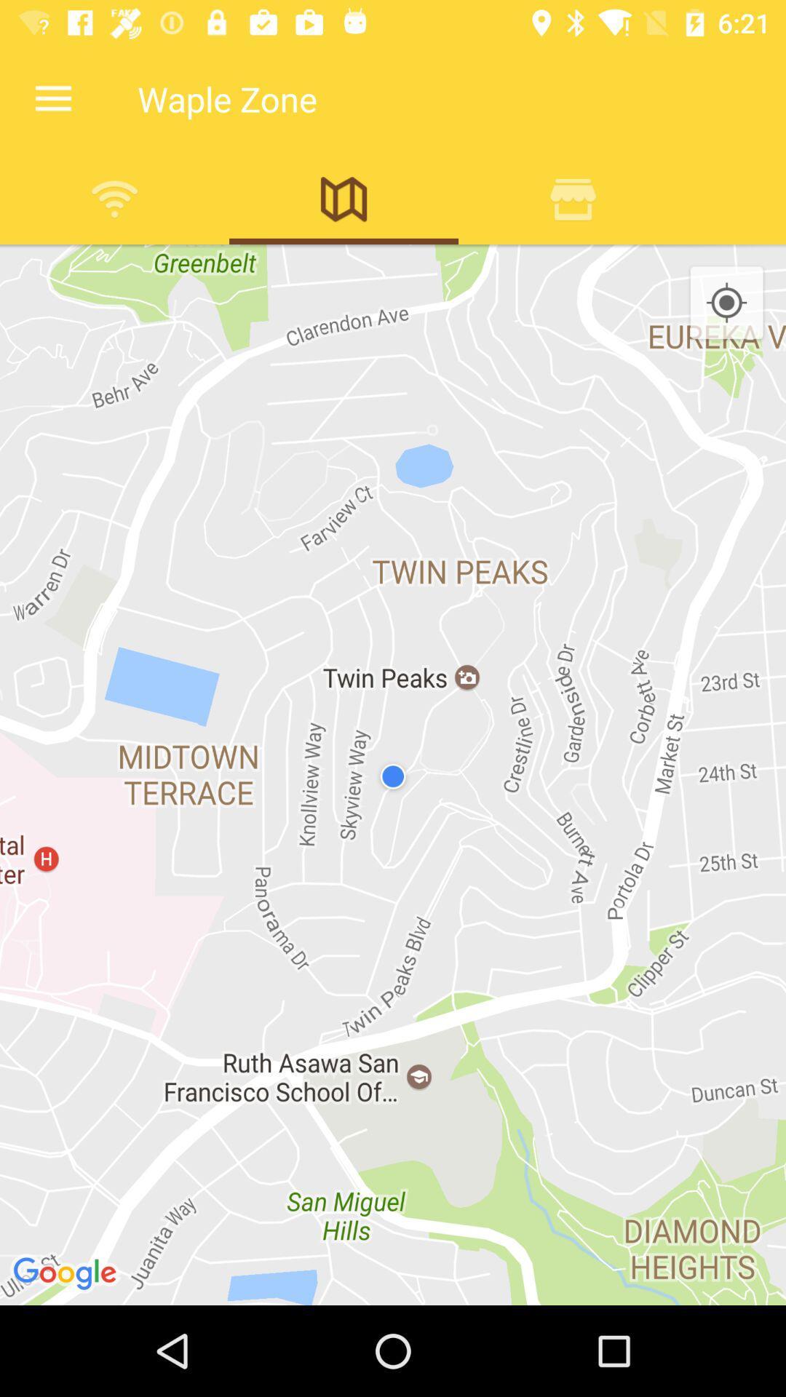 The width and height of the screenshot is (786, 1397). What do you see at coordinates (344, 198) in the screenshot?
I see `map` at bounding box center [344, 198].